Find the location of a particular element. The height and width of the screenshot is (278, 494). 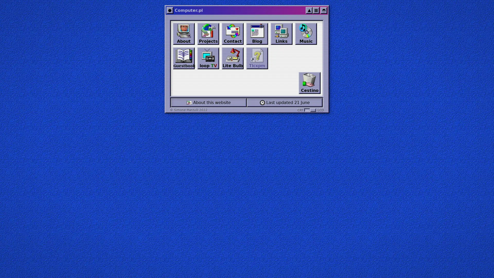

projects Projects is located at coordinates (208, 34).